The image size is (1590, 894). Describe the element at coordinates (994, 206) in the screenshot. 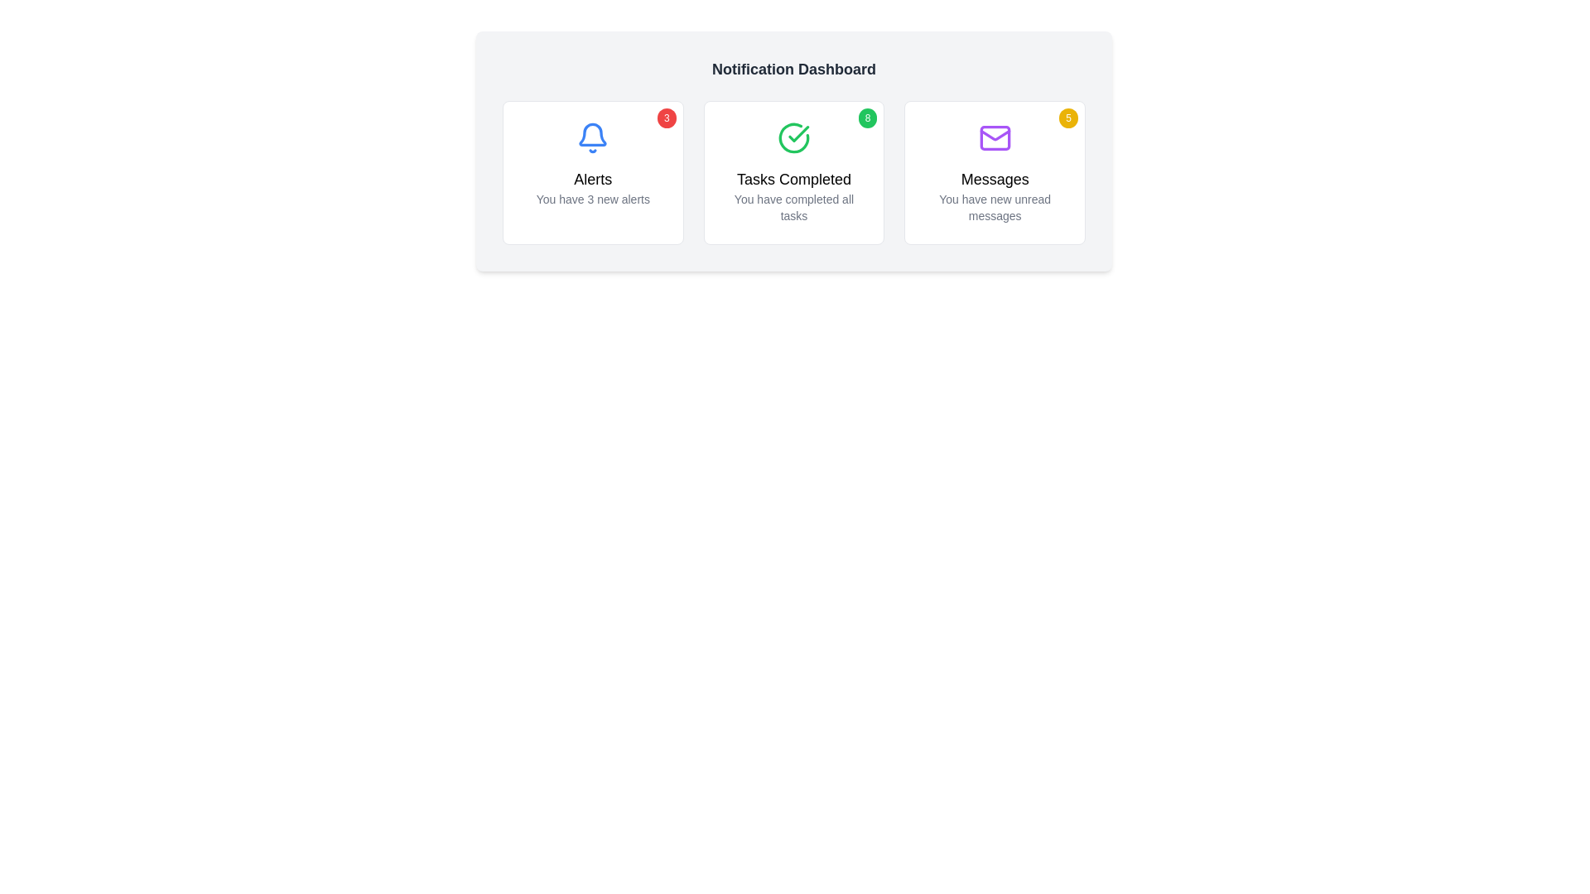

I see `the static text label that displays 'You have new unread messages', which is located beneath the title text 'Messages' within the 'Messages' card` at that location.